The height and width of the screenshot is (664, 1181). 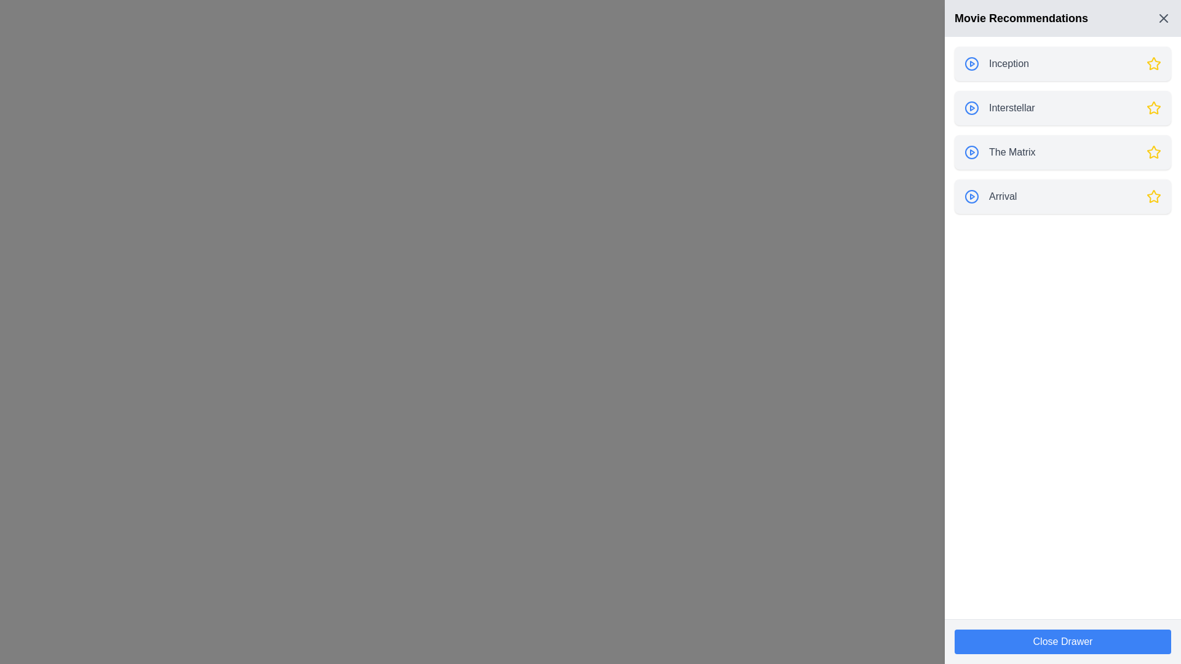 What do you see at coordinates (971, 196) in the screenshot?
I see `the circular SVG element that is part of the play button for the 'Arrival' movie recommendation entry located at the bottom of the sidebar panel` at bounding box center [971, 196].